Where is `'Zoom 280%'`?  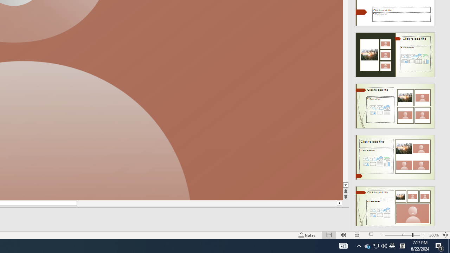
'Zoom 280%' is located at coordinates (433, 235).